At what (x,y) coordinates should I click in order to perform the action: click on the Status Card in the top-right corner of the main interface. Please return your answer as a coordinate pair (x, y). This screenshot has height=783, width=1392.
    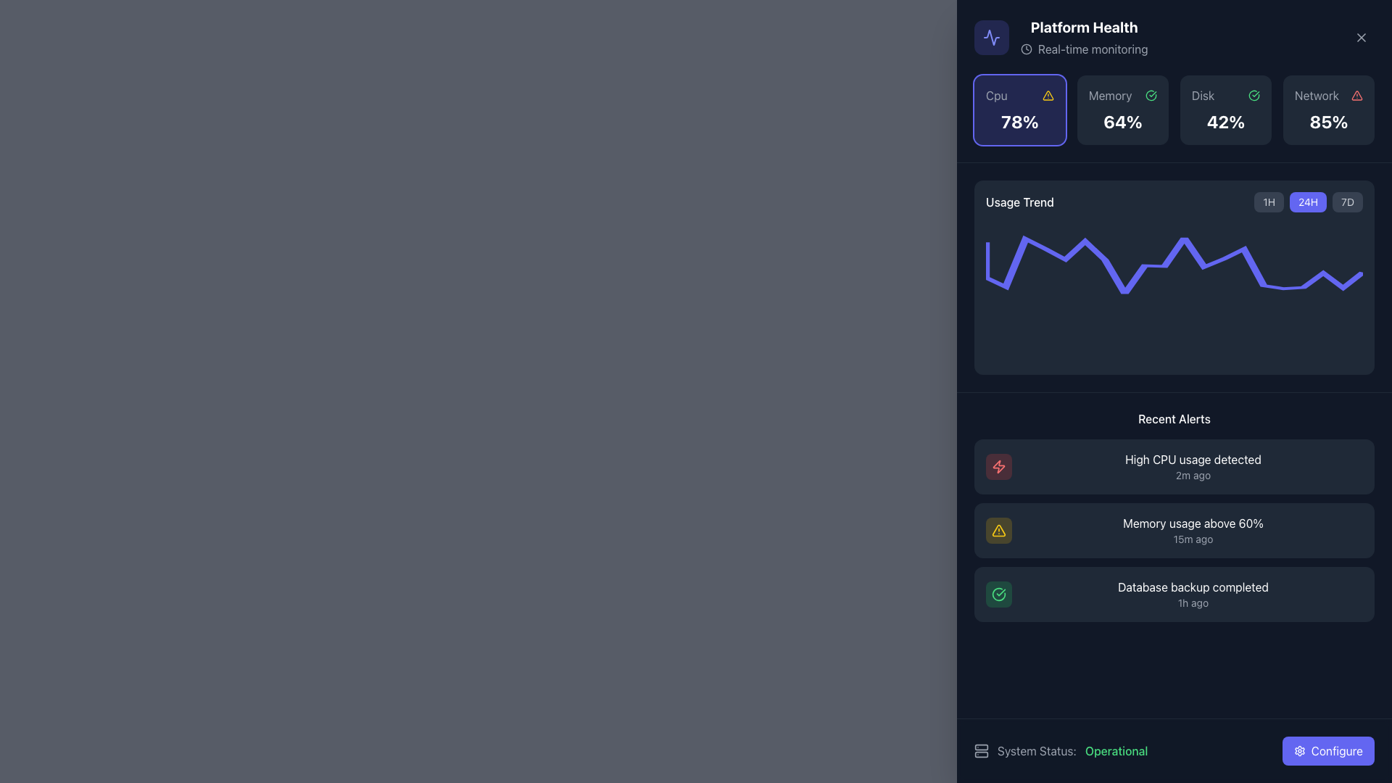
    Looking at the image, I should click on (1329, 109).